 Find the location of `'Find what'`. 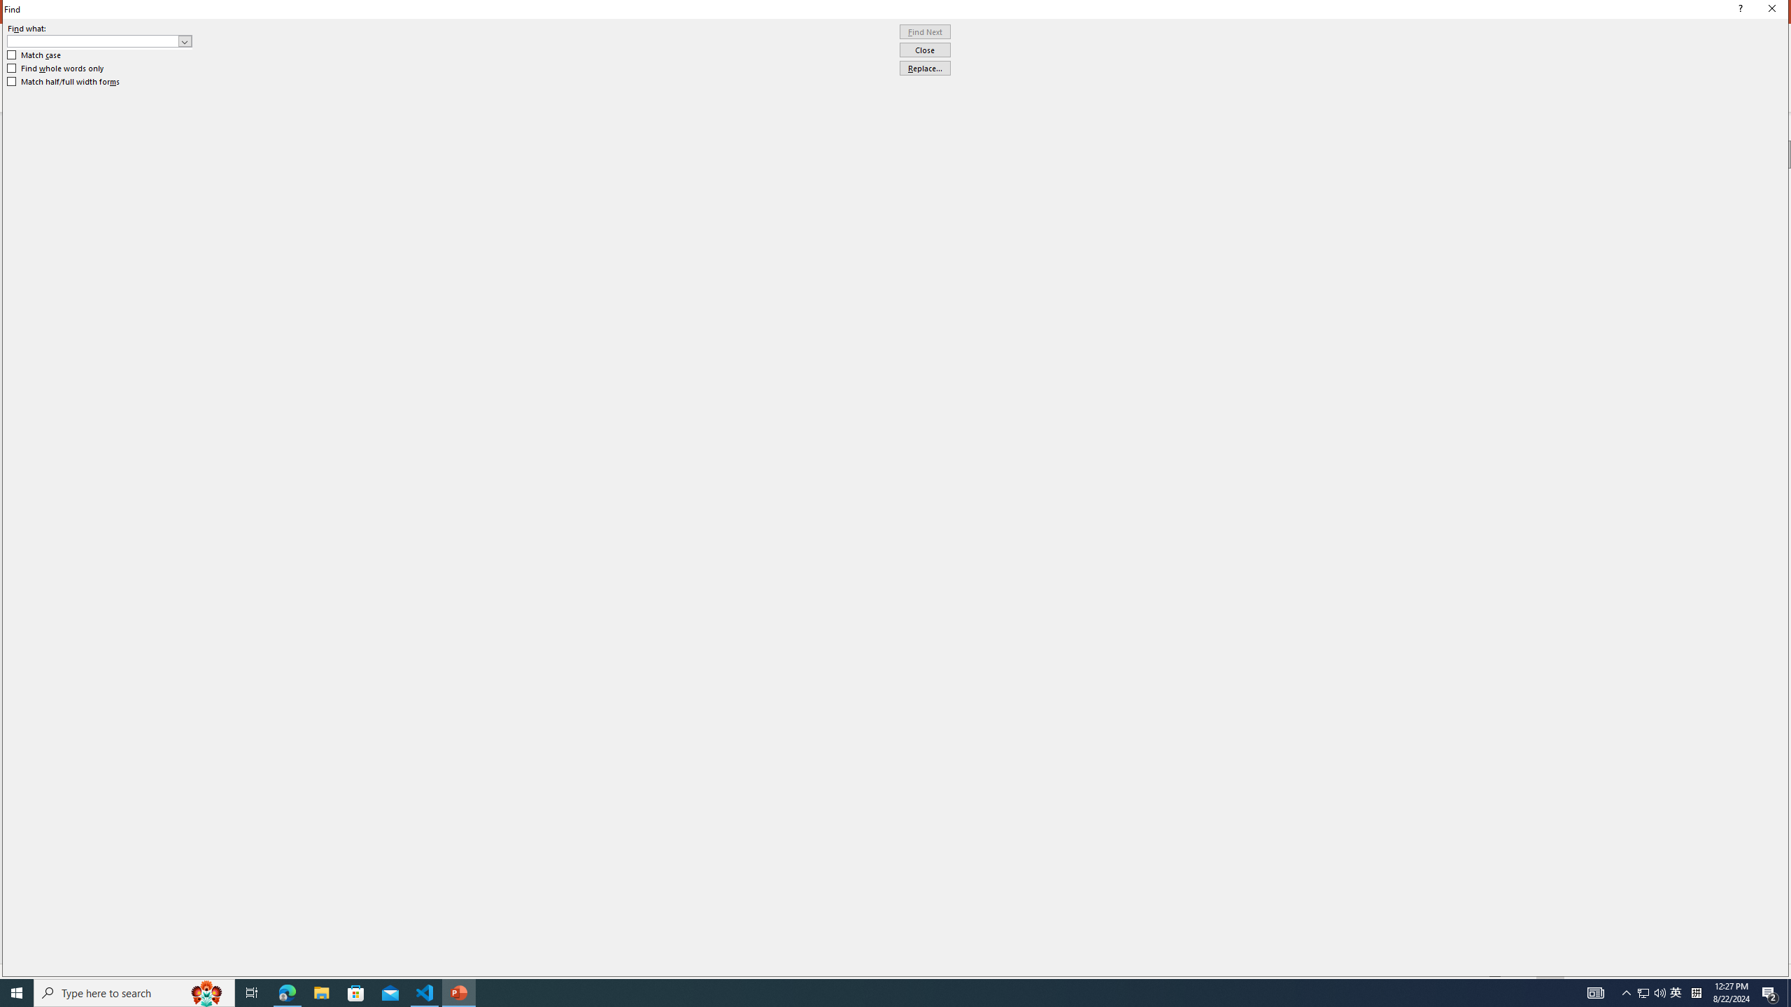

'Find what' is located at coordinates (99, 41).